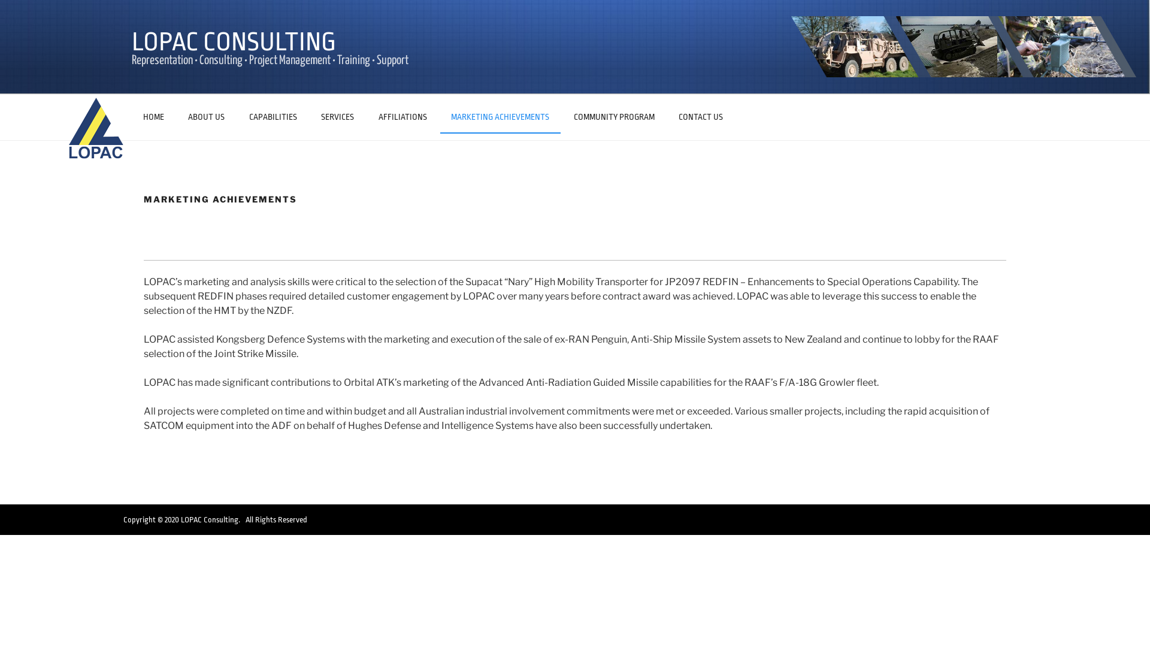 The width and height of the screenshot is (1150, 647). What do you see at coordinates (273, 116) in the screenshot?
I see `'CAPABILITIES'` at bounding box center [273, 116].